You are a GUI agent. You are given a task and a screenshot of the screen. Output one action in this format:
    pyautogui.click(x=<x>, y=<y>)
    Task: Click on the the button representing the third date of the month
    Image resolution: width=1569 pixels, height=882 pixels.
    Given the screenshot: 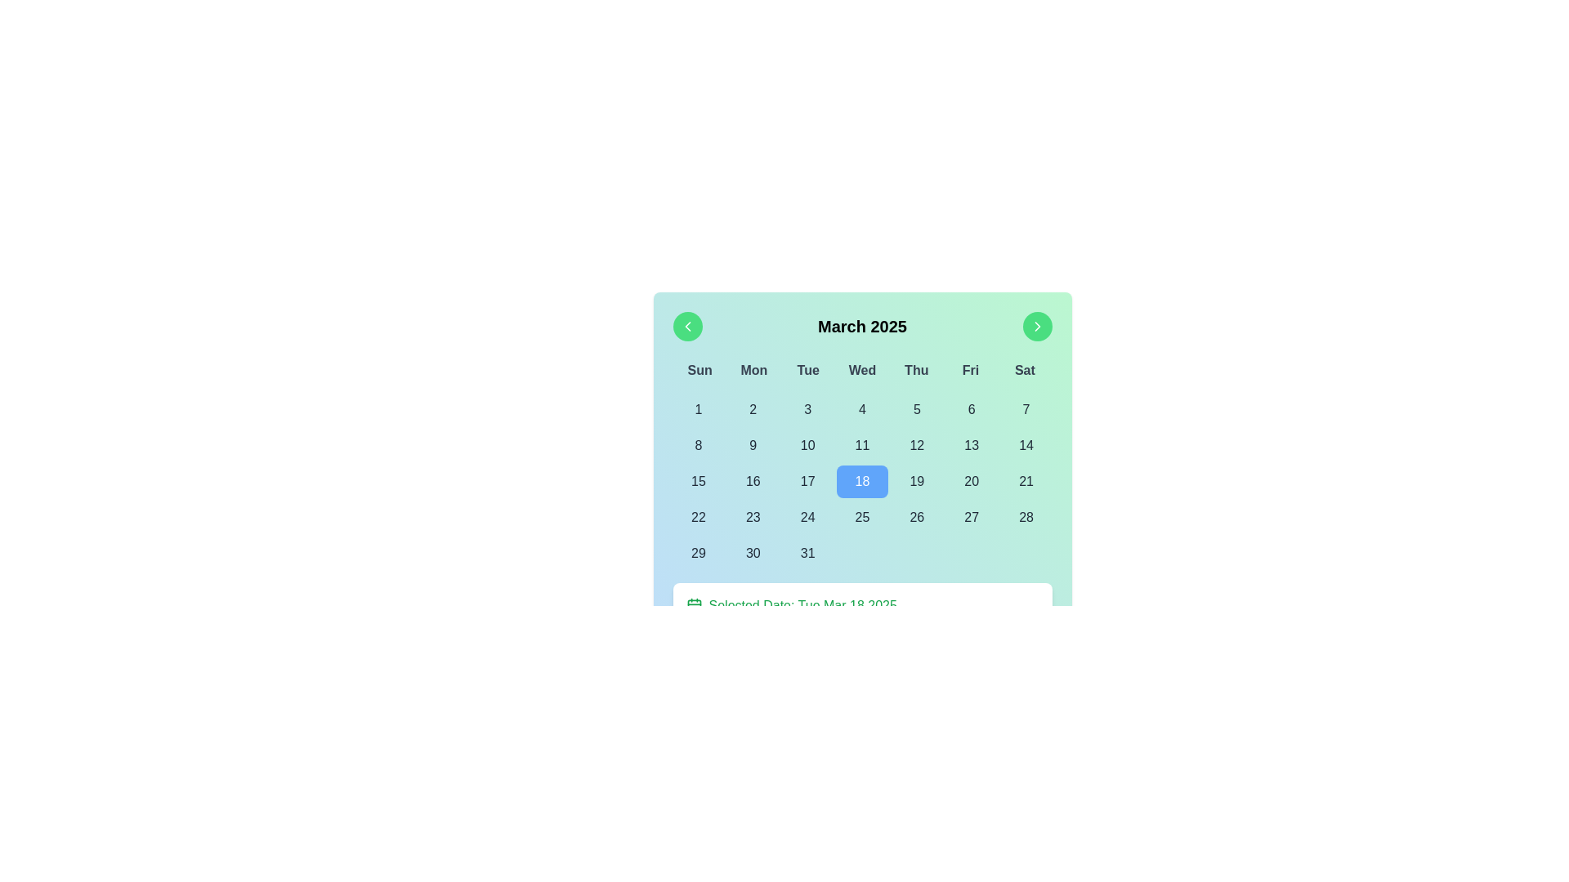 What is the action you would take?
    pyautogui.click(x=807, y=408)
    